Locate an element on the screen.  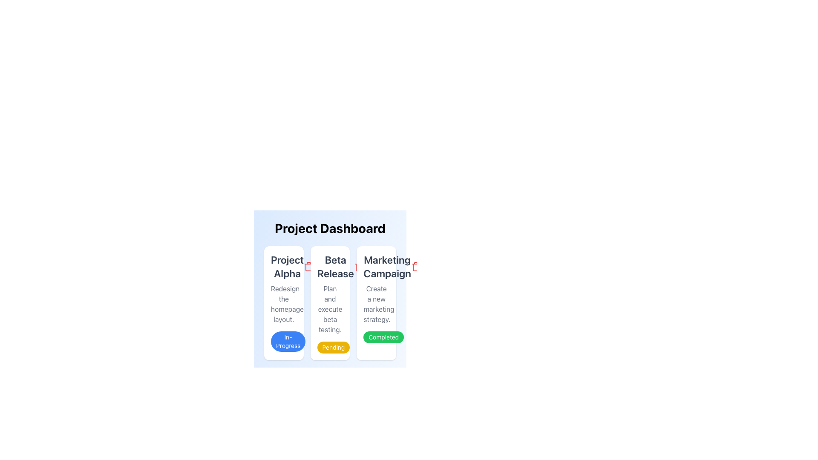
the title text 'Marketing Campaign' located at the top of the project card is located at coordinates (376, 266).